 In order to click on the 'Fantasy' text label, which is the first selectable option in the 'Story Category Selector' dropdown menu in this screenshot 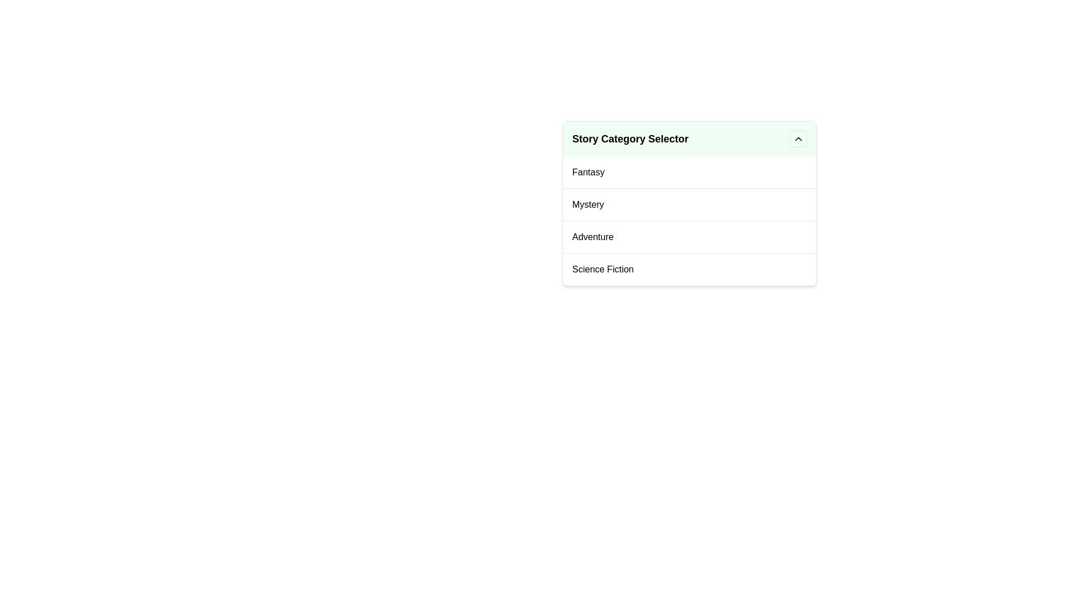, I will do `click(588, 173)`.